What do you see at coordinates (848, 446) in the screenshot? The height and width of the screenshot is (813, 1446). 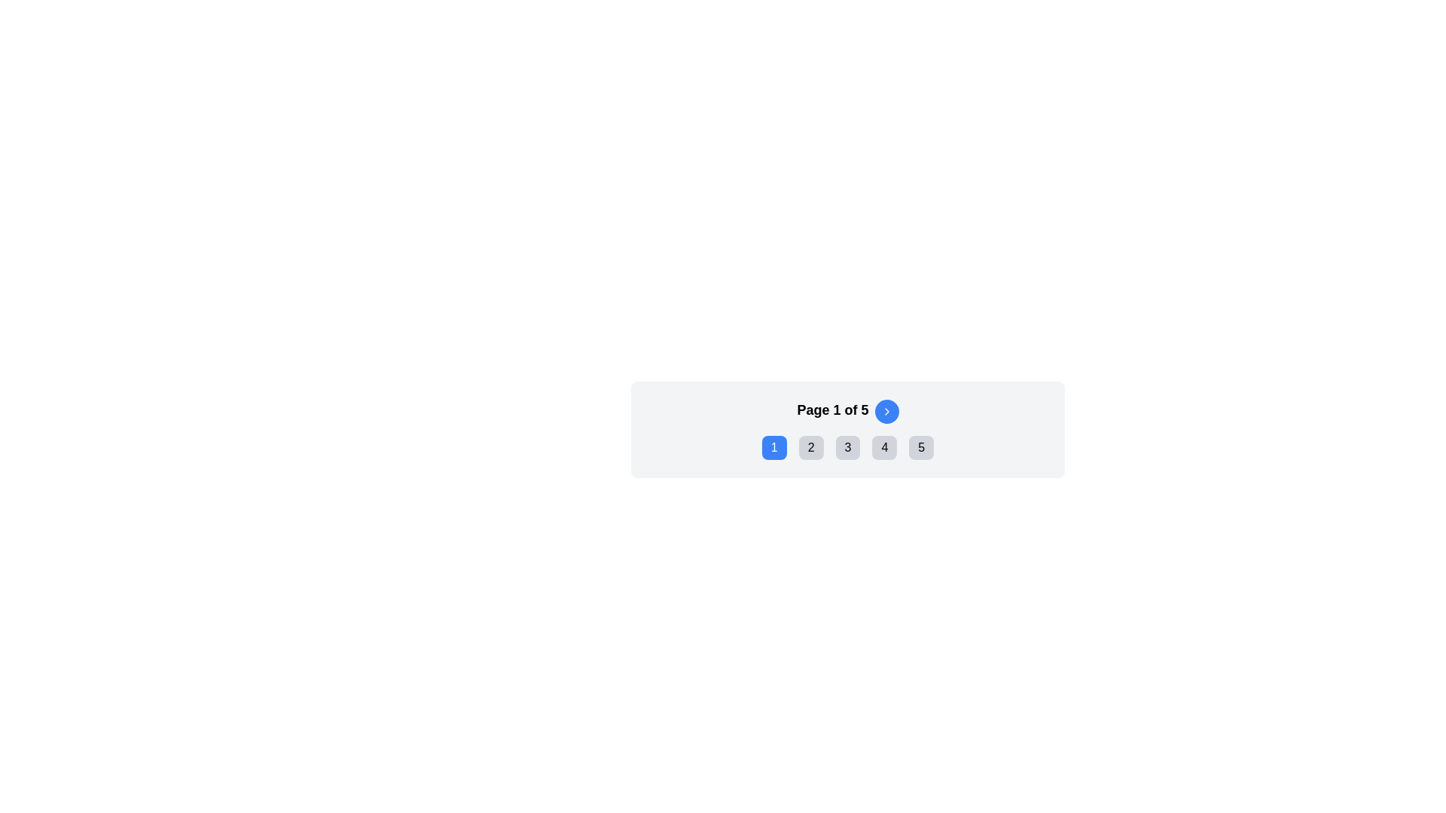 I see `the button displaying the number '3' in the pagination control for accessibility purposes` at bounding box center [848, 446].